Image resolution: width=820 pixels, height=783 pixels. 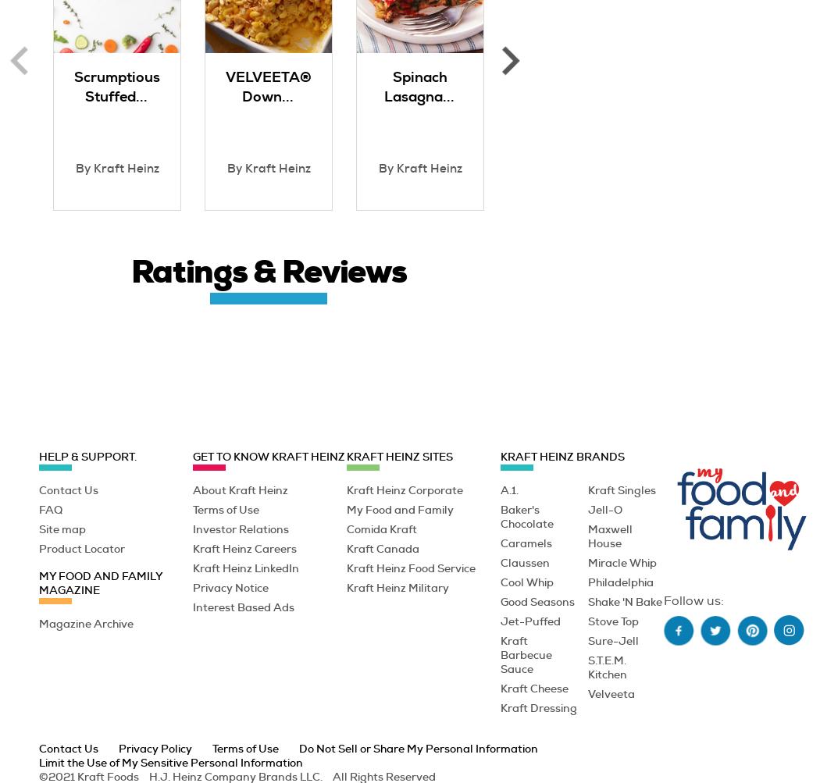 What do you see at coordinates (398, 455) in the screenshot?
I see `'KRAFT HEINZ SITES'` at bounding box center [398, 455].